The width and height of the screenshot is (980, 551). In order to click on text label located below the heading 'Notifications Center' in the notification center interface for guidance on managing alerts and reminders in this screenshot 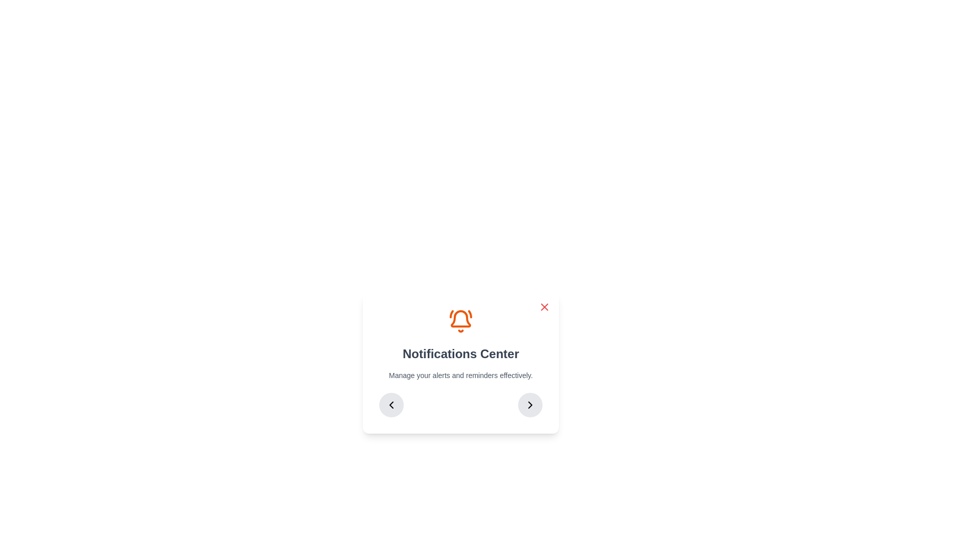, I will do `click(460, 375)`.